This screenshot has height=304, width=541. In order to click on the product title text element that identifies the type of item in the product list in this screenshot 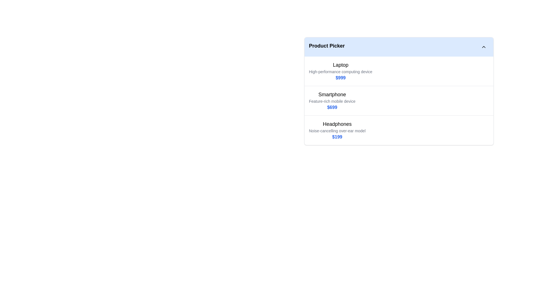, I will do `click(340, 65)`.